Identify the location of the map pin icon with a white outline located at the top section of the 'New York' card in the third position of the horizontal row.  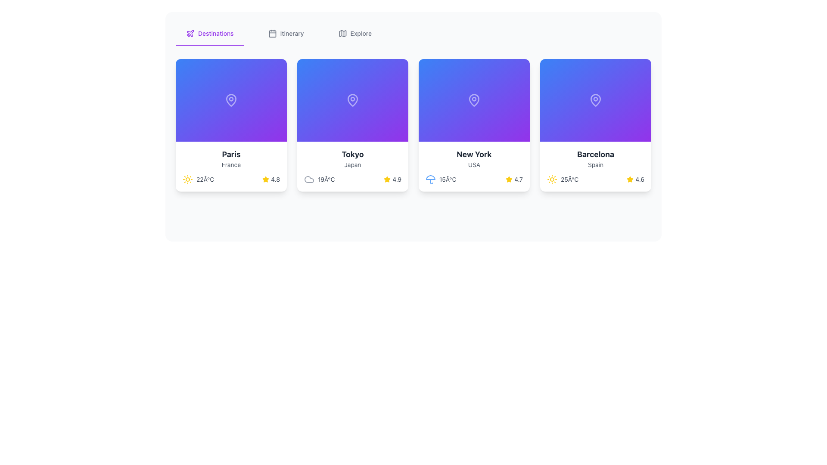
(473, 99).